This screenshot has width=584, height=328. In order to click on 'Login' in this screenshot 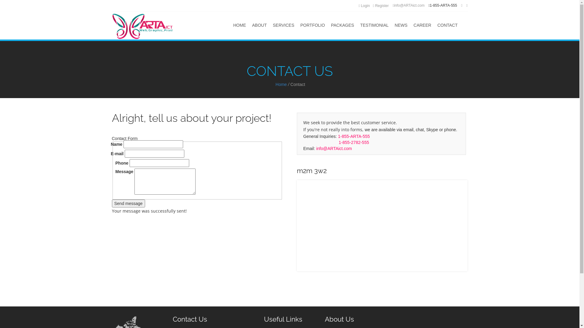, I will do `click(364, 6)`.